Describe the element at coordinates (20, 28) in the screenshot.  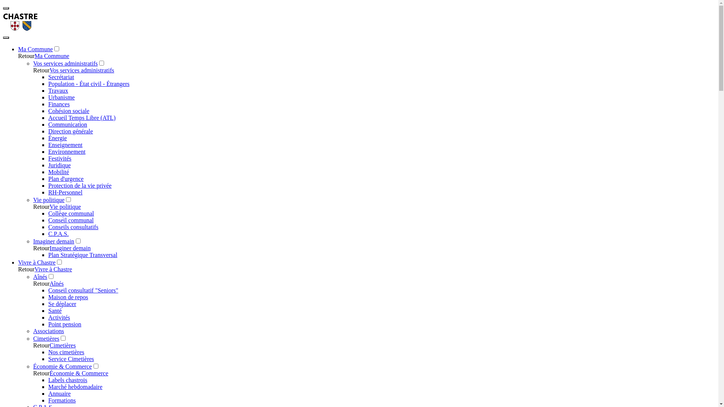
I see `'Chastre'` at that location.